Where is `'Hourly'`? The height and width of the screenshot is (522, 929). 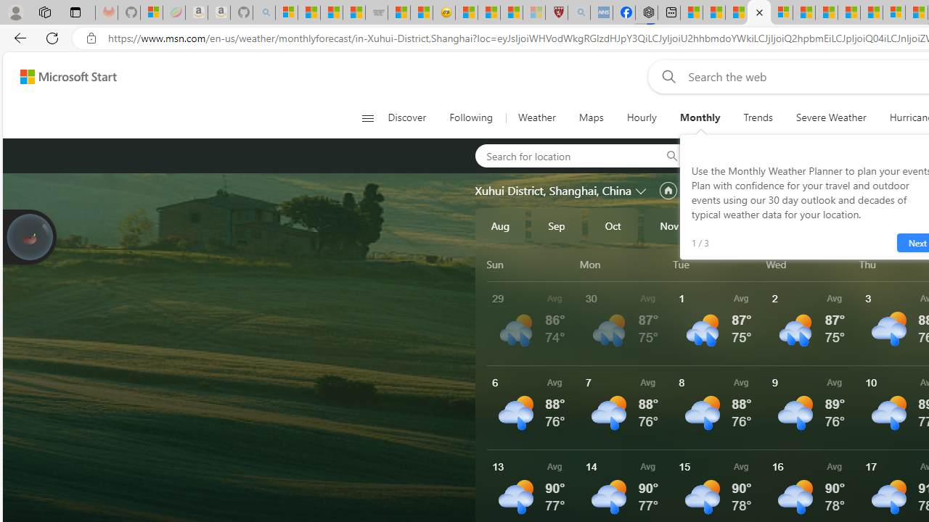 'Hourly' is located at coordinates (641, 117).